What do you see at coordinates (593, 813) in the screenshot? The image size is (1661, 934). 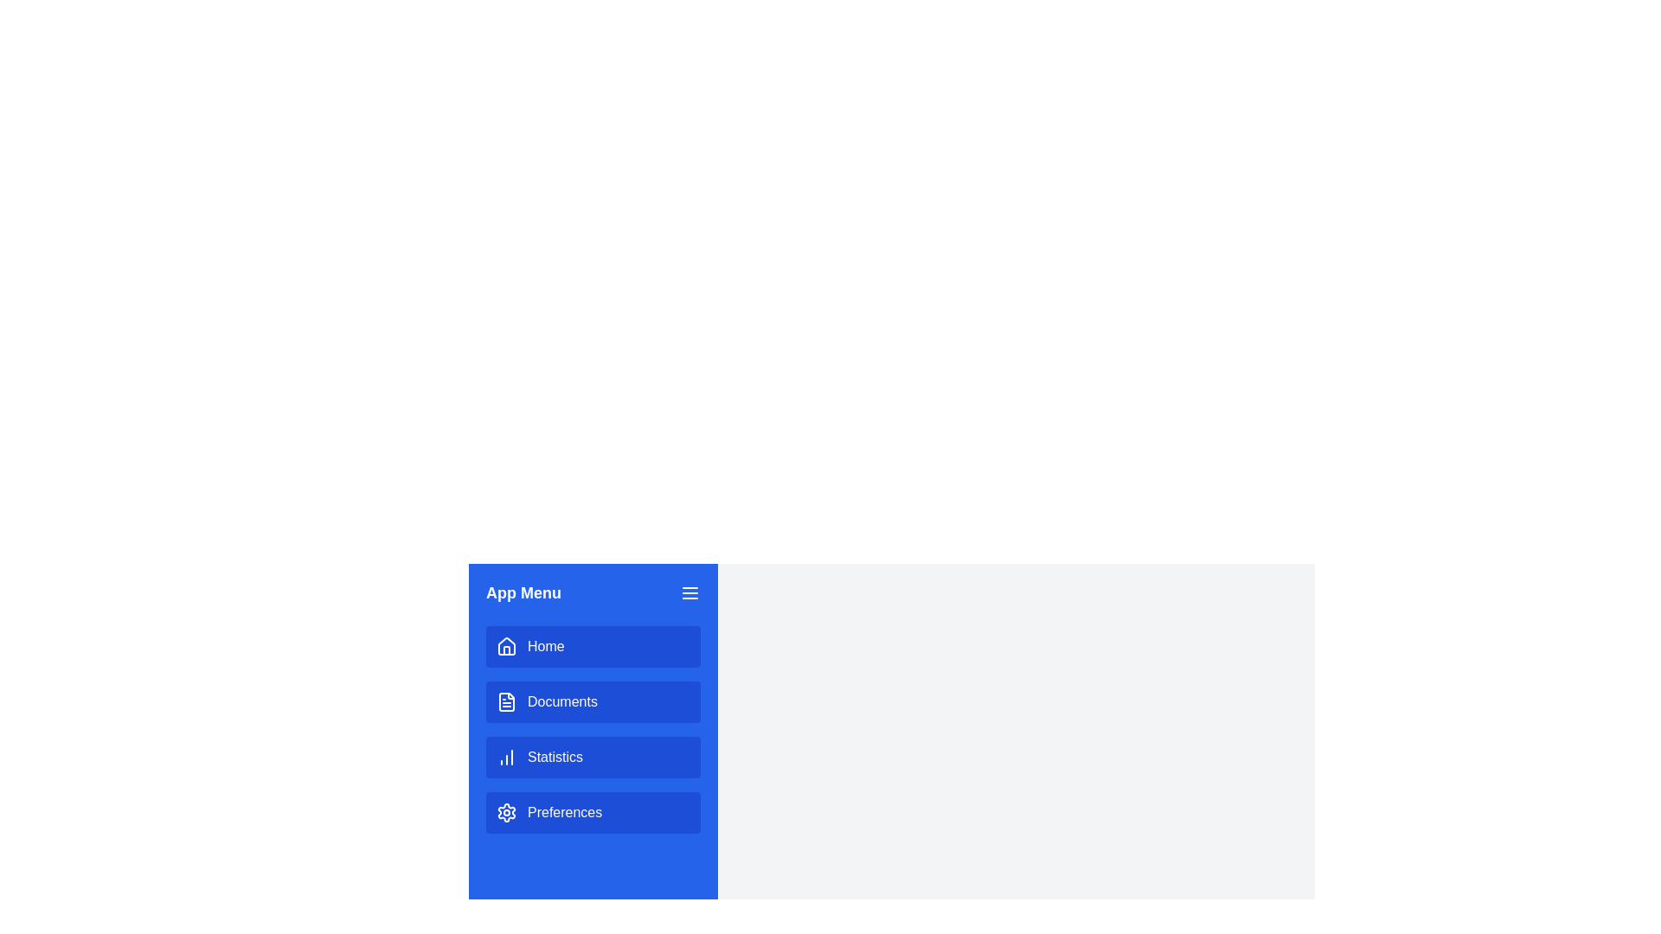 I see `the 'Preferences' button in the menu` at bounding box center [593, 813].